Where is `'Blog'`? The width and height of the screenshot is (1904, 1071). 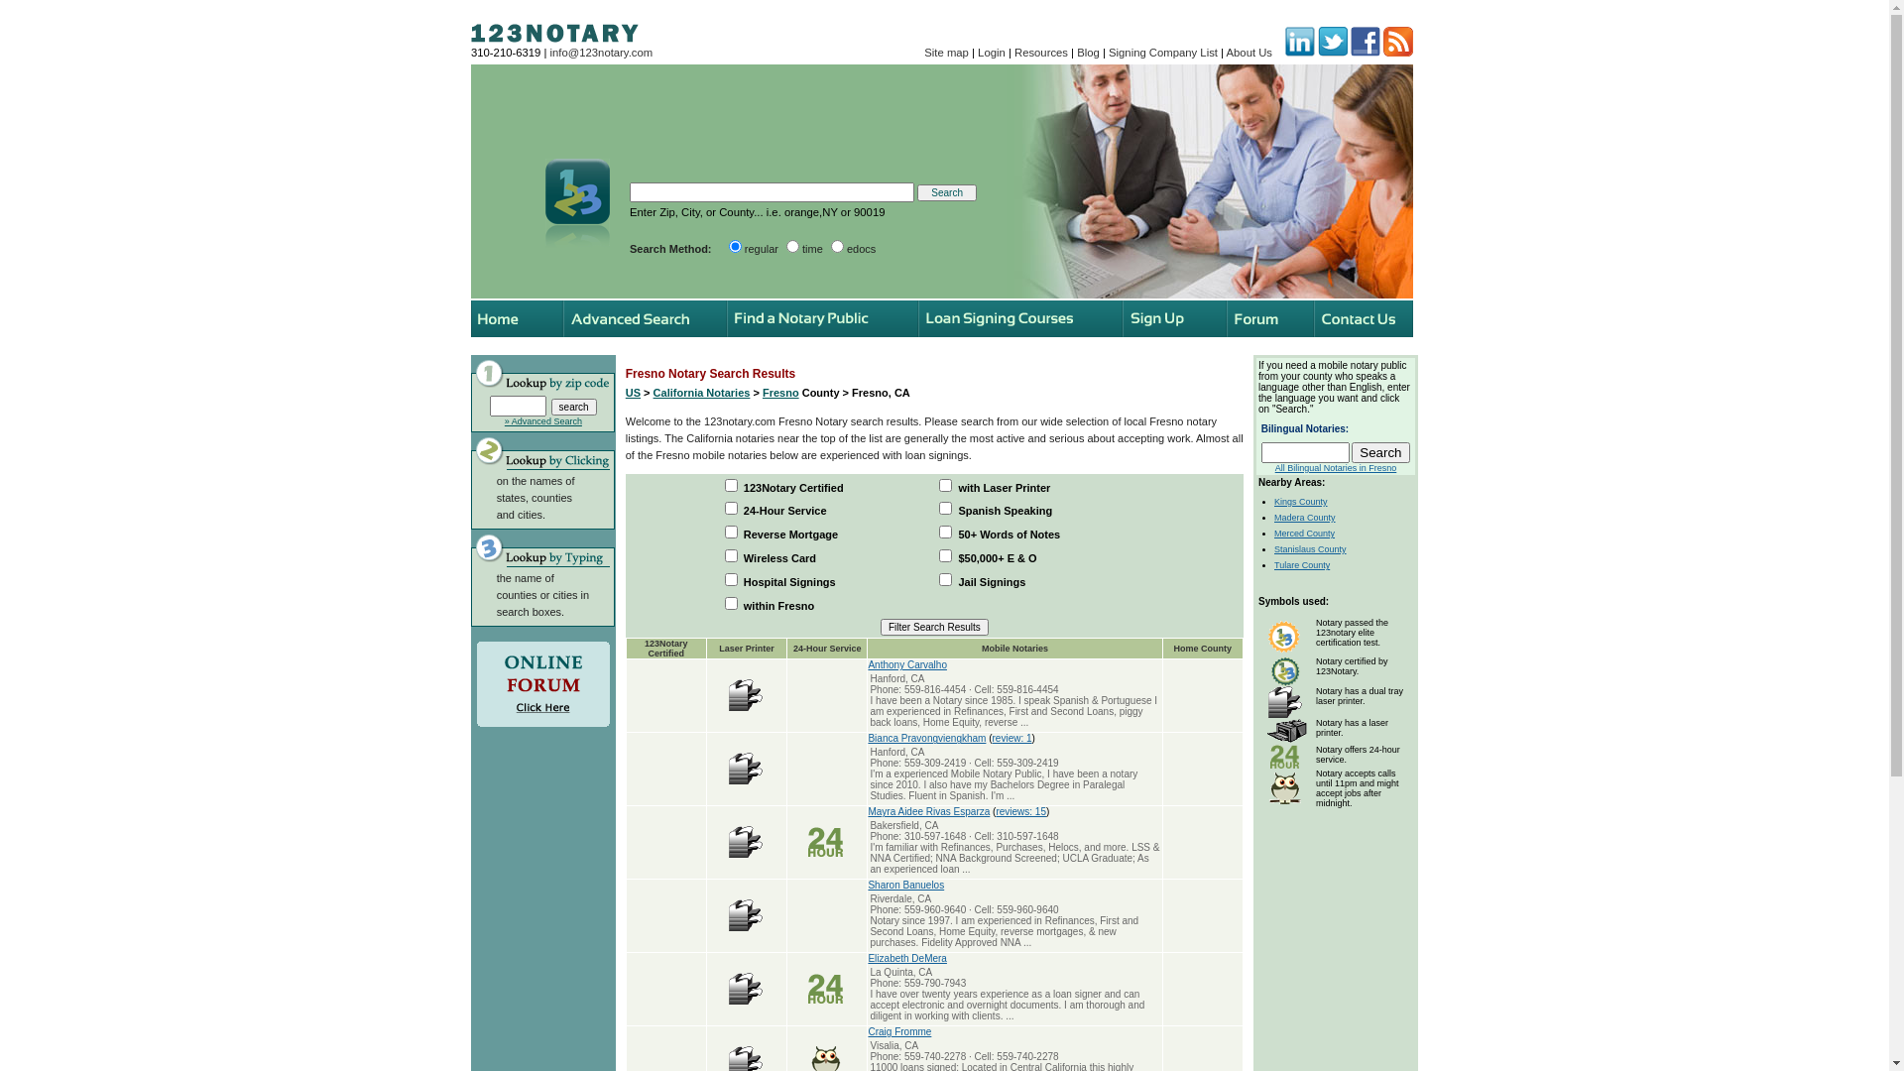 'Blog' is located at coordinates (1075, 52).